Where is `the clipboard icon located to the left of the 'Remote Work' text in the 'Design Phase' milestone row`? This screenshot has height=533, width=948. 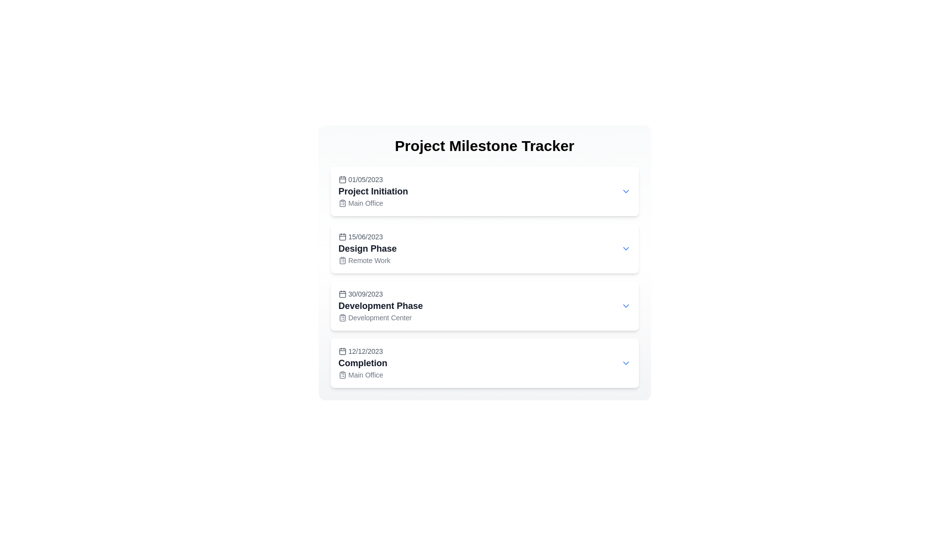 the clipboard icon located to the left of the 'Remote Work' text in the 'Design Phase' milestone row is located at coordinates (342, 260).